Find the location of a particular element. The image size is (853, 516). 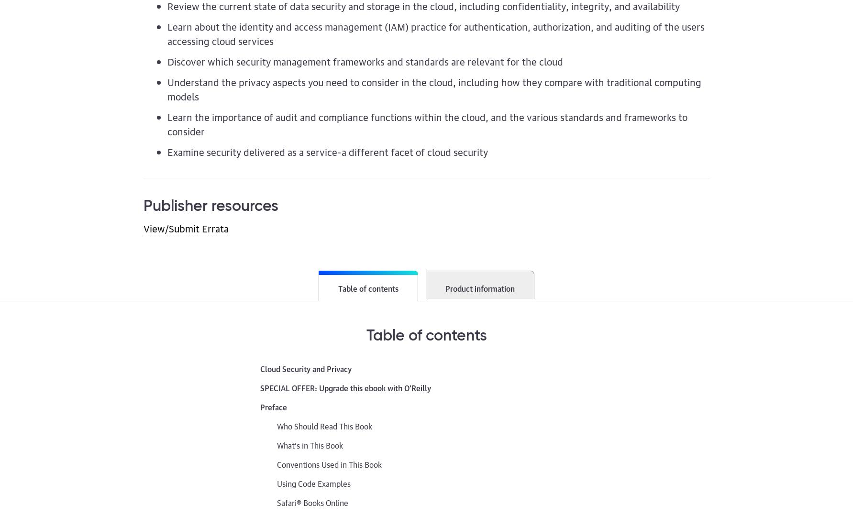

'What’s in This Book' is located at coordinates (310, 444).